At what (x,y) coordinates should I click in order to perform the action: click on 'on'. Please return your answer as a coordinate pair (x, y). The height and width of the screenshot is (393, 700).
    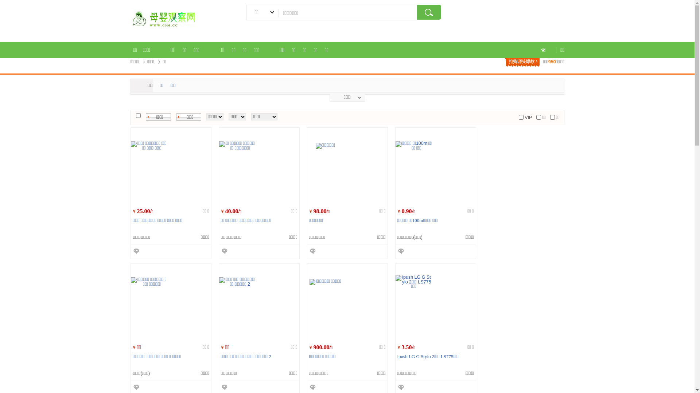
    Looking at the image, I should click on (552, 117).